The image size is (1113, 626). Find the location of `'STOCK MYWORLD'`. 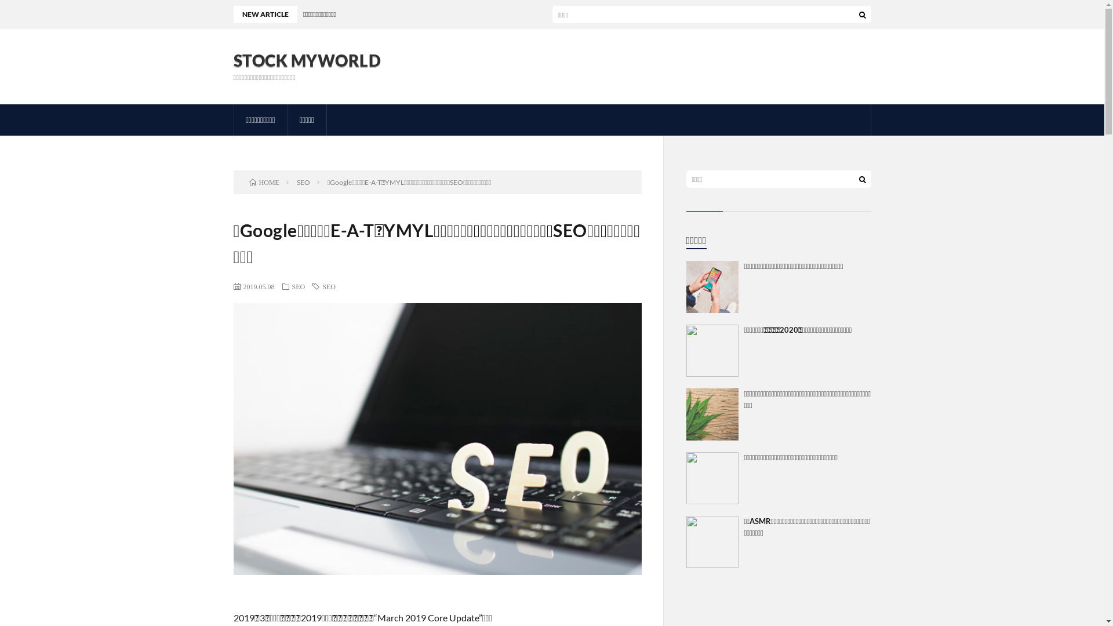

'STOCK MYWORLD' is located at coordinates (307, 60).